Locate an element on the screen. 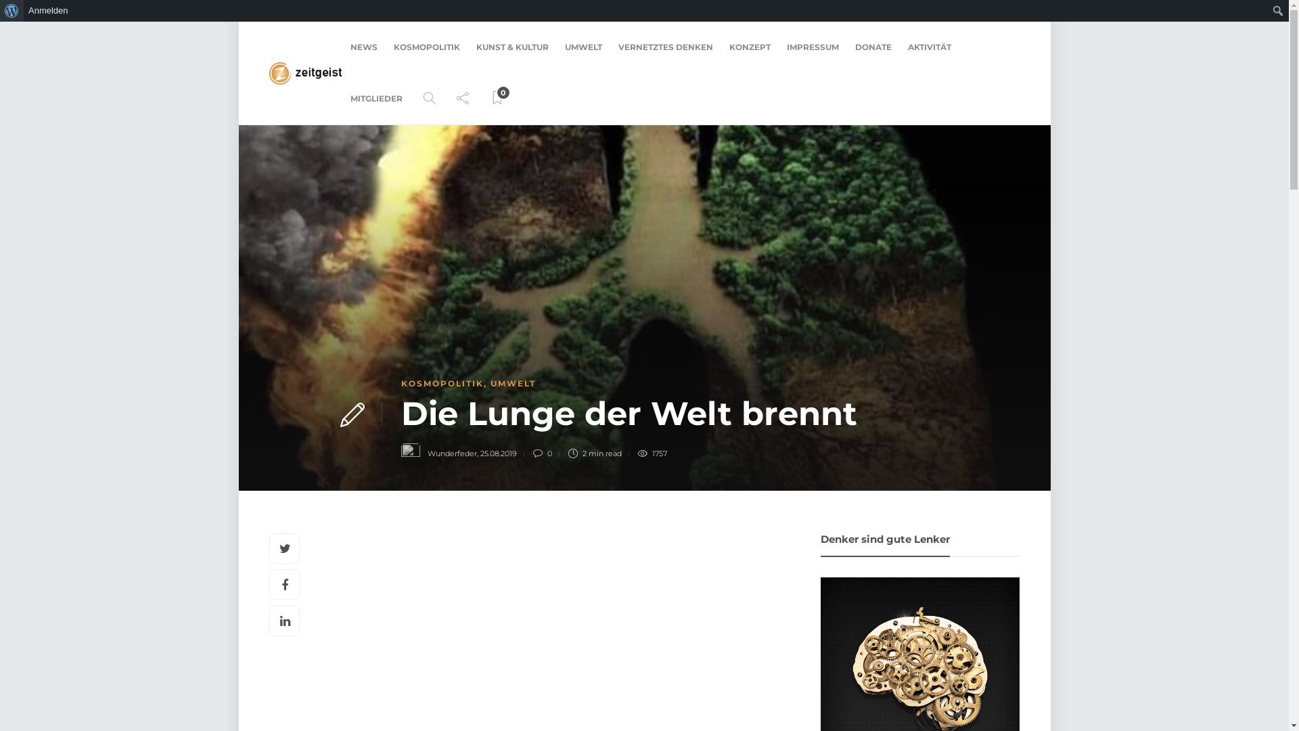  'KOSMOPOLITIK' is located at coordinates (426, 46).